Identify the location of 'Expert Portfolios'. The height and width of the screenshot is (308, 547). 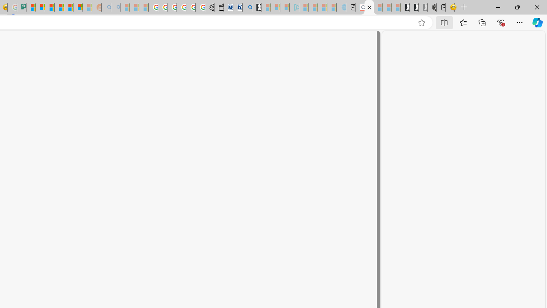
(59, 7).